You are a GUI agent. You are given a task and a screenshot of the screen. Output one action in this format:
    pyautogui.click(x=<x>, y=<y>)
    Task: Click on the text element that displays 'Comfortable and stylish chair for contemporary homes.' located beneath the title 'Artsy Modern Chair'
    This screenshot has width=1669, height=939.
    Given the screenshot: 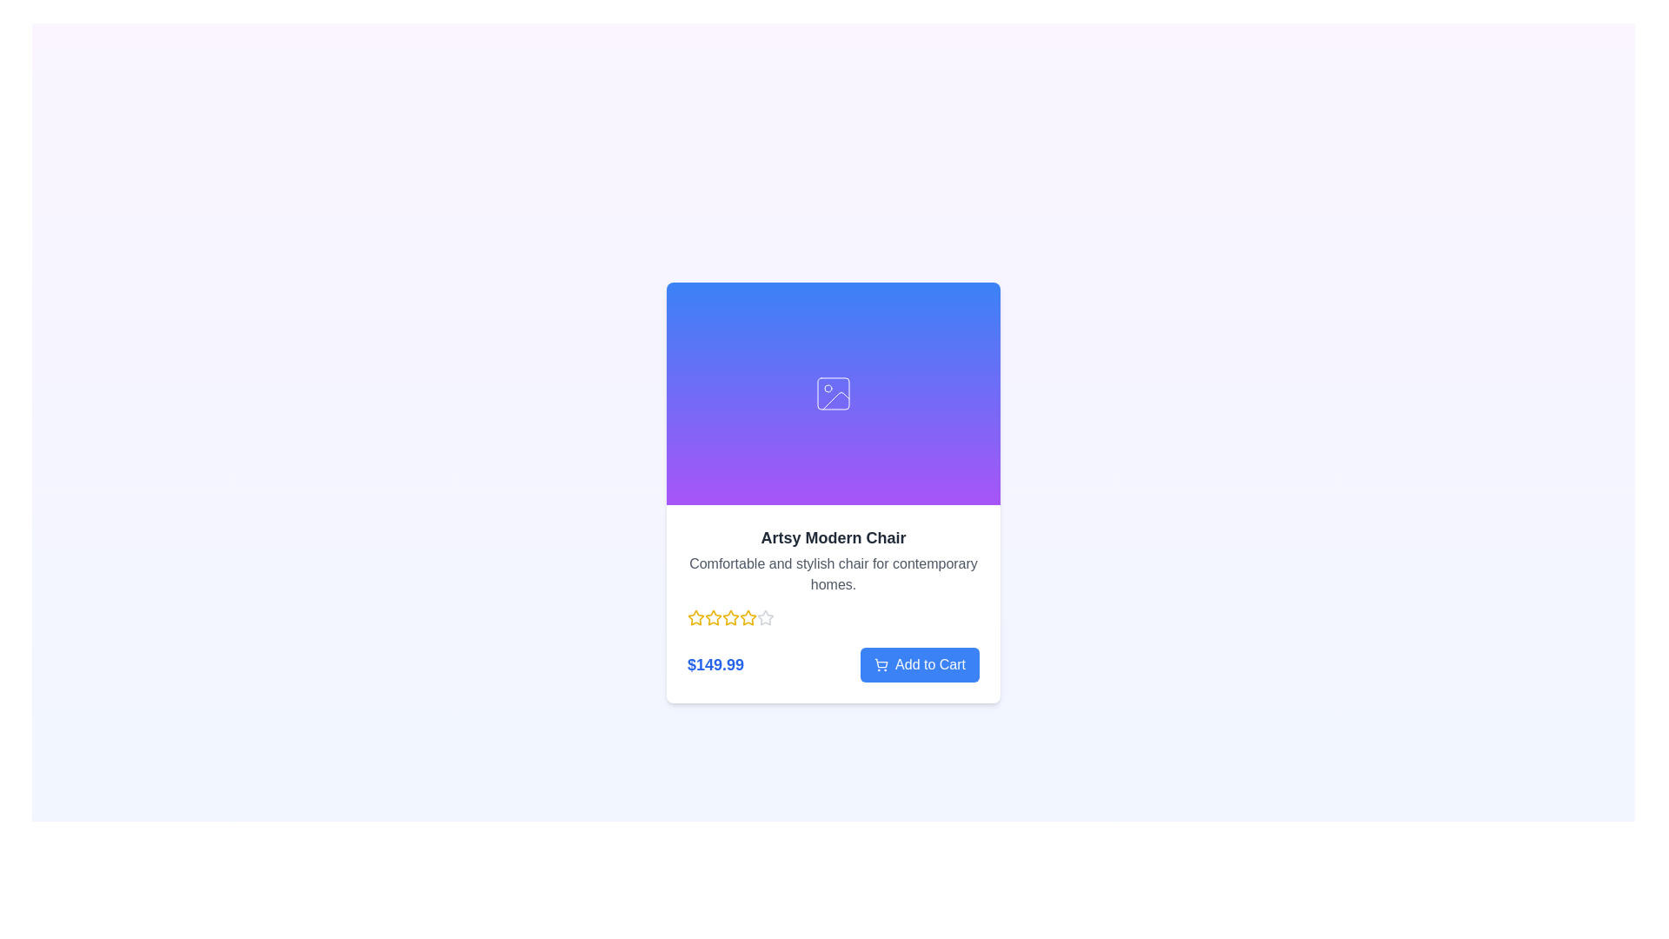 What is the action you would take?
    pyautogui.click(x=833, y=574)
    